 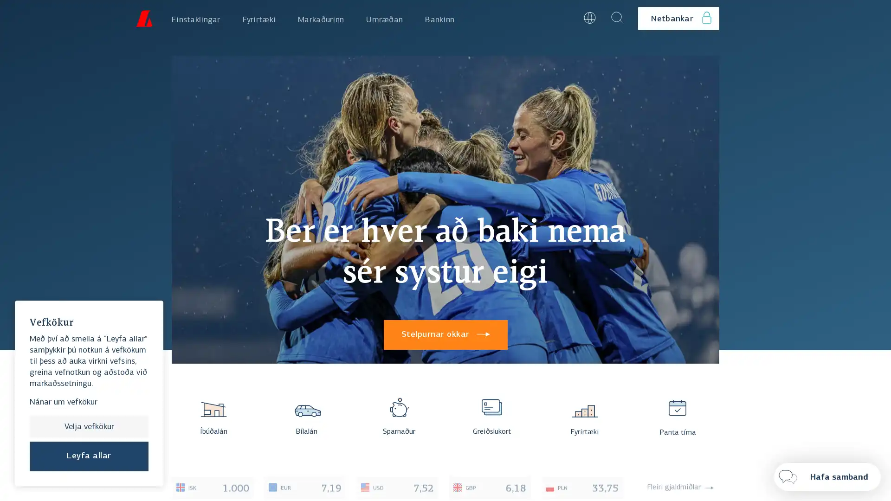 What do you see at coordinates (89, 456) in the screenshot?
I see `Leyfa allar` at bounding box center [89, 456].